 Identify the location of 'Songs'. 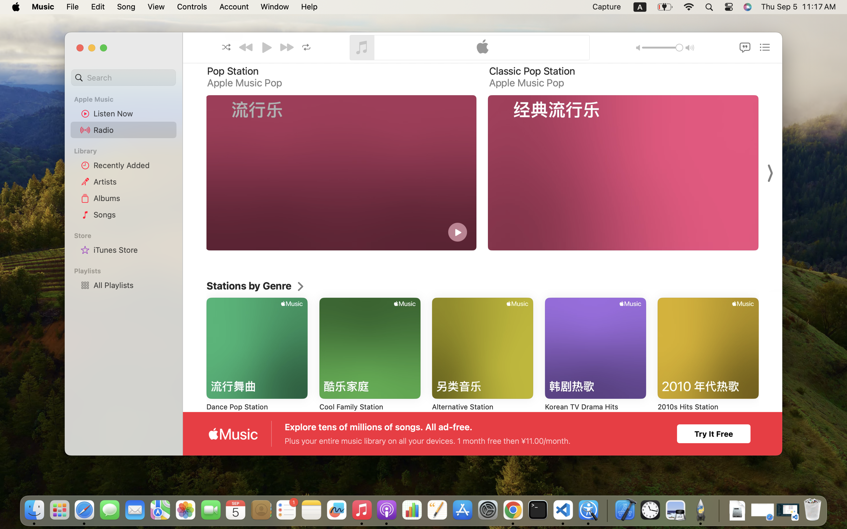
(133, 214).